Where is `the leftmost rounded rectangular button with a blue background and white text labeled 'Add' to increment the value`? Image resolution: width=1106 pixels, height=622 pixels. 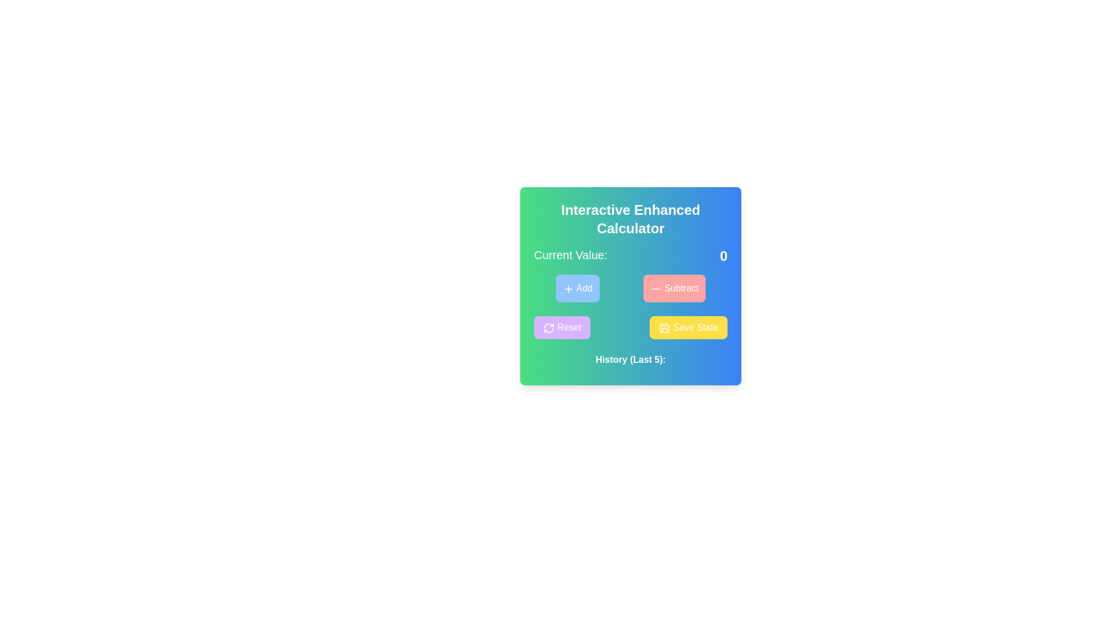 the leftmost rounded rectangular button with a blue background and white text labeled 'Add' to increment the value is located at coordinates (578, 288).